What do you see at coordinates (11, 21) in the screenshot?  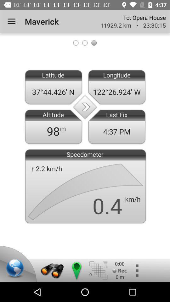 I see `item next to the maverick` at bounding box center [11, 21].